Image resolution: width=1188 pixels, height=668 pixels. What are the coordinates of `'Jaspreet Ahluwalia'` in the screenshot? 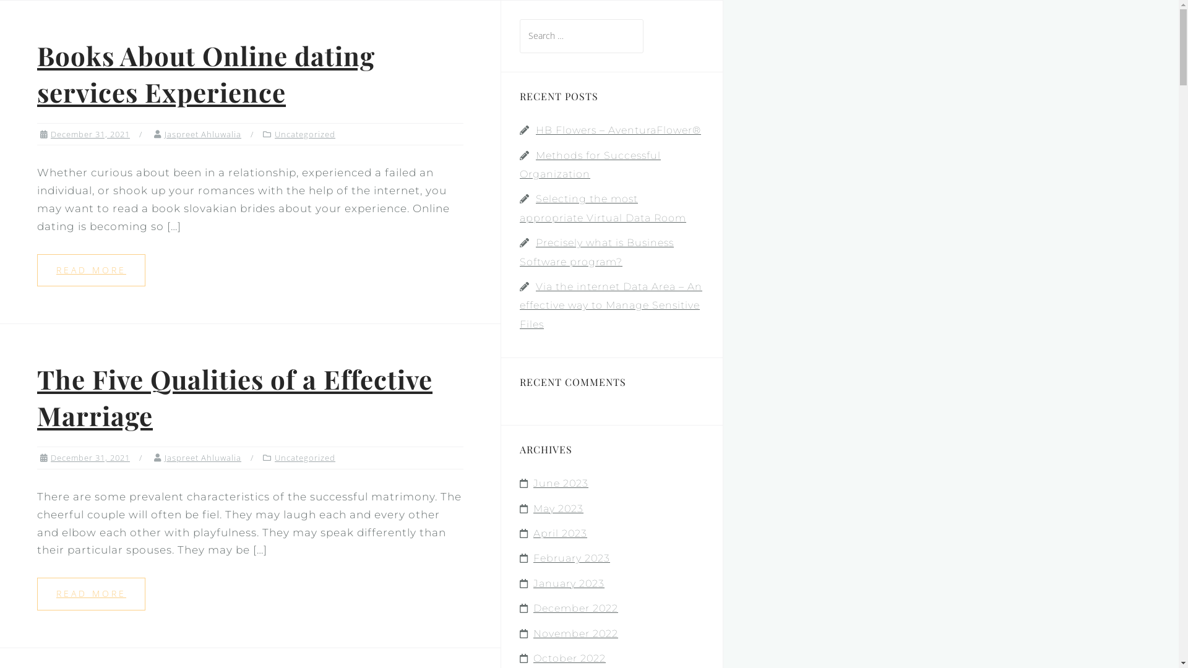 It's located at (163, 134).